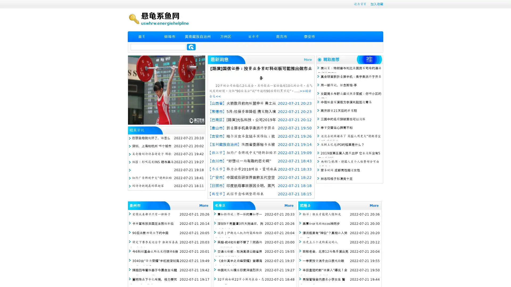 This screenshot has height=287, width=511. What do you see at coordinates (191, 47) in the screenshot?
I see `Search` at bounding box center [191, 47].